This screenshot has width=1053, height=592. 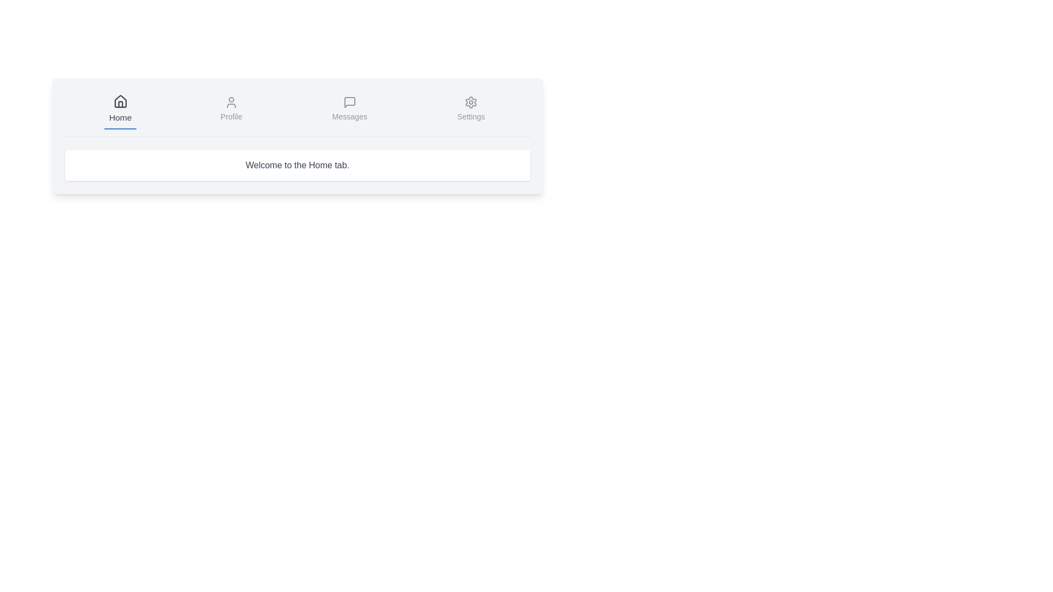 What do you see at coordinates (230, 110) in the screenshot?
I see `the tab button labeled Profile` at bounding box center [230, 110].